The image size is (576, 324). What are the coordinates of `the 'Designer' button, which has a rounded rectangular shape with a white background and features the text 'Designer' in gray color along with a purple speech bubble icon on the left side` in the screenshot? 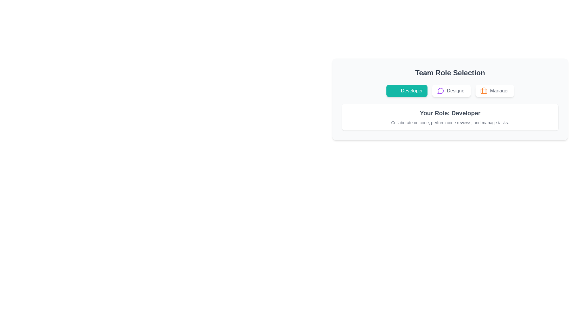 It's located at (451, 91).